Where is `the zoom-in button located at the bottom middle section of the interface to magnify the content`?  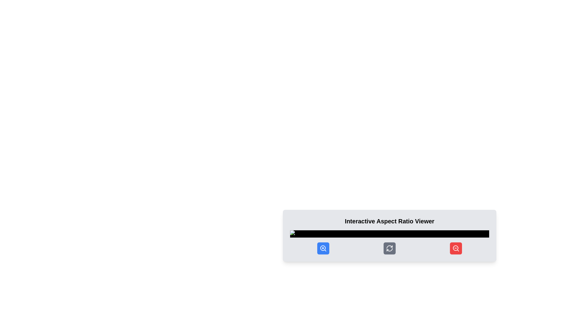 the zoom-in button located at the bottom middle section of the interface to magnify the content is located at coordinates (323, 248).